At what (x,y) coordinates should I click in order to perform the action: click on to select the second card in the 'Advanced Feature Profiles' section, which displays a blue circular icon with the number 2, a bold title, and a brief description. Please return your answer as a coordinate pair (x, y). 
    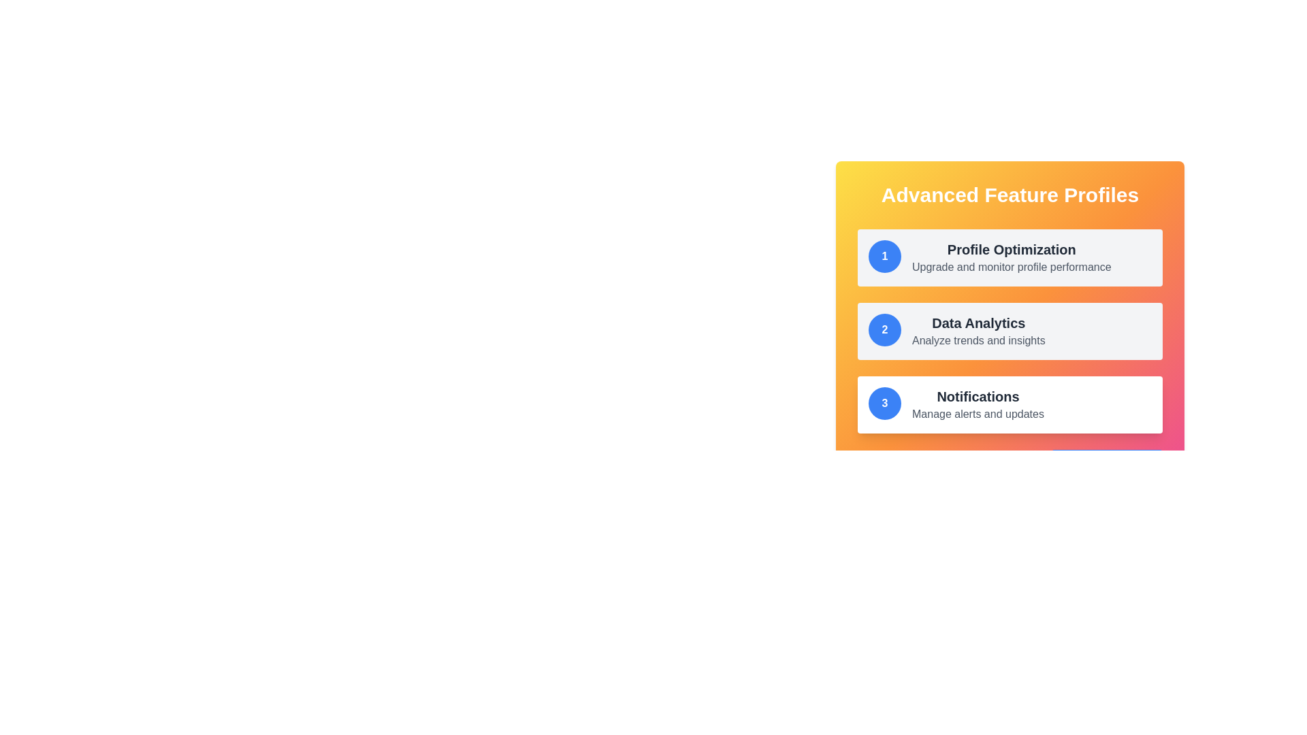
    Looking at the image, I should click on (1010, 331).